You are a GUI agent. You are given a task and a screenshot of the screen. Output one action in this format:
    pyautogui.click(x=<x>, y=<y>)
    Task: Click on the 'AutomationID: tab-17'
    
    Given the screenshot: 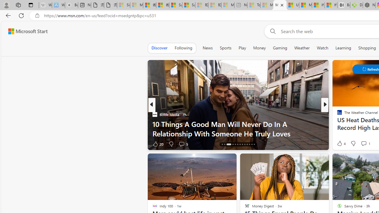 What is the action you would take?
    pyautogui.click(x=232, y=144)
    